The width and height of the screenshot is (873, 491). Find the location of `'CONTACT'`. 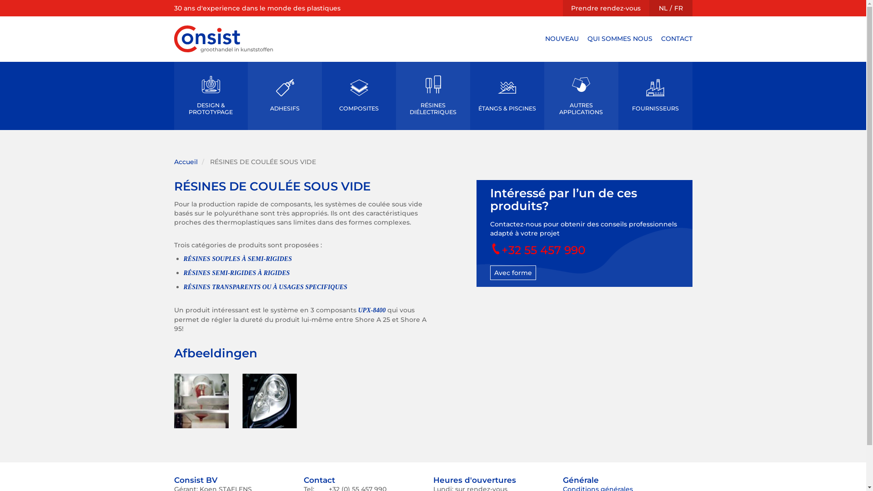

'CONTACT' is located at coordinates (677, 38).